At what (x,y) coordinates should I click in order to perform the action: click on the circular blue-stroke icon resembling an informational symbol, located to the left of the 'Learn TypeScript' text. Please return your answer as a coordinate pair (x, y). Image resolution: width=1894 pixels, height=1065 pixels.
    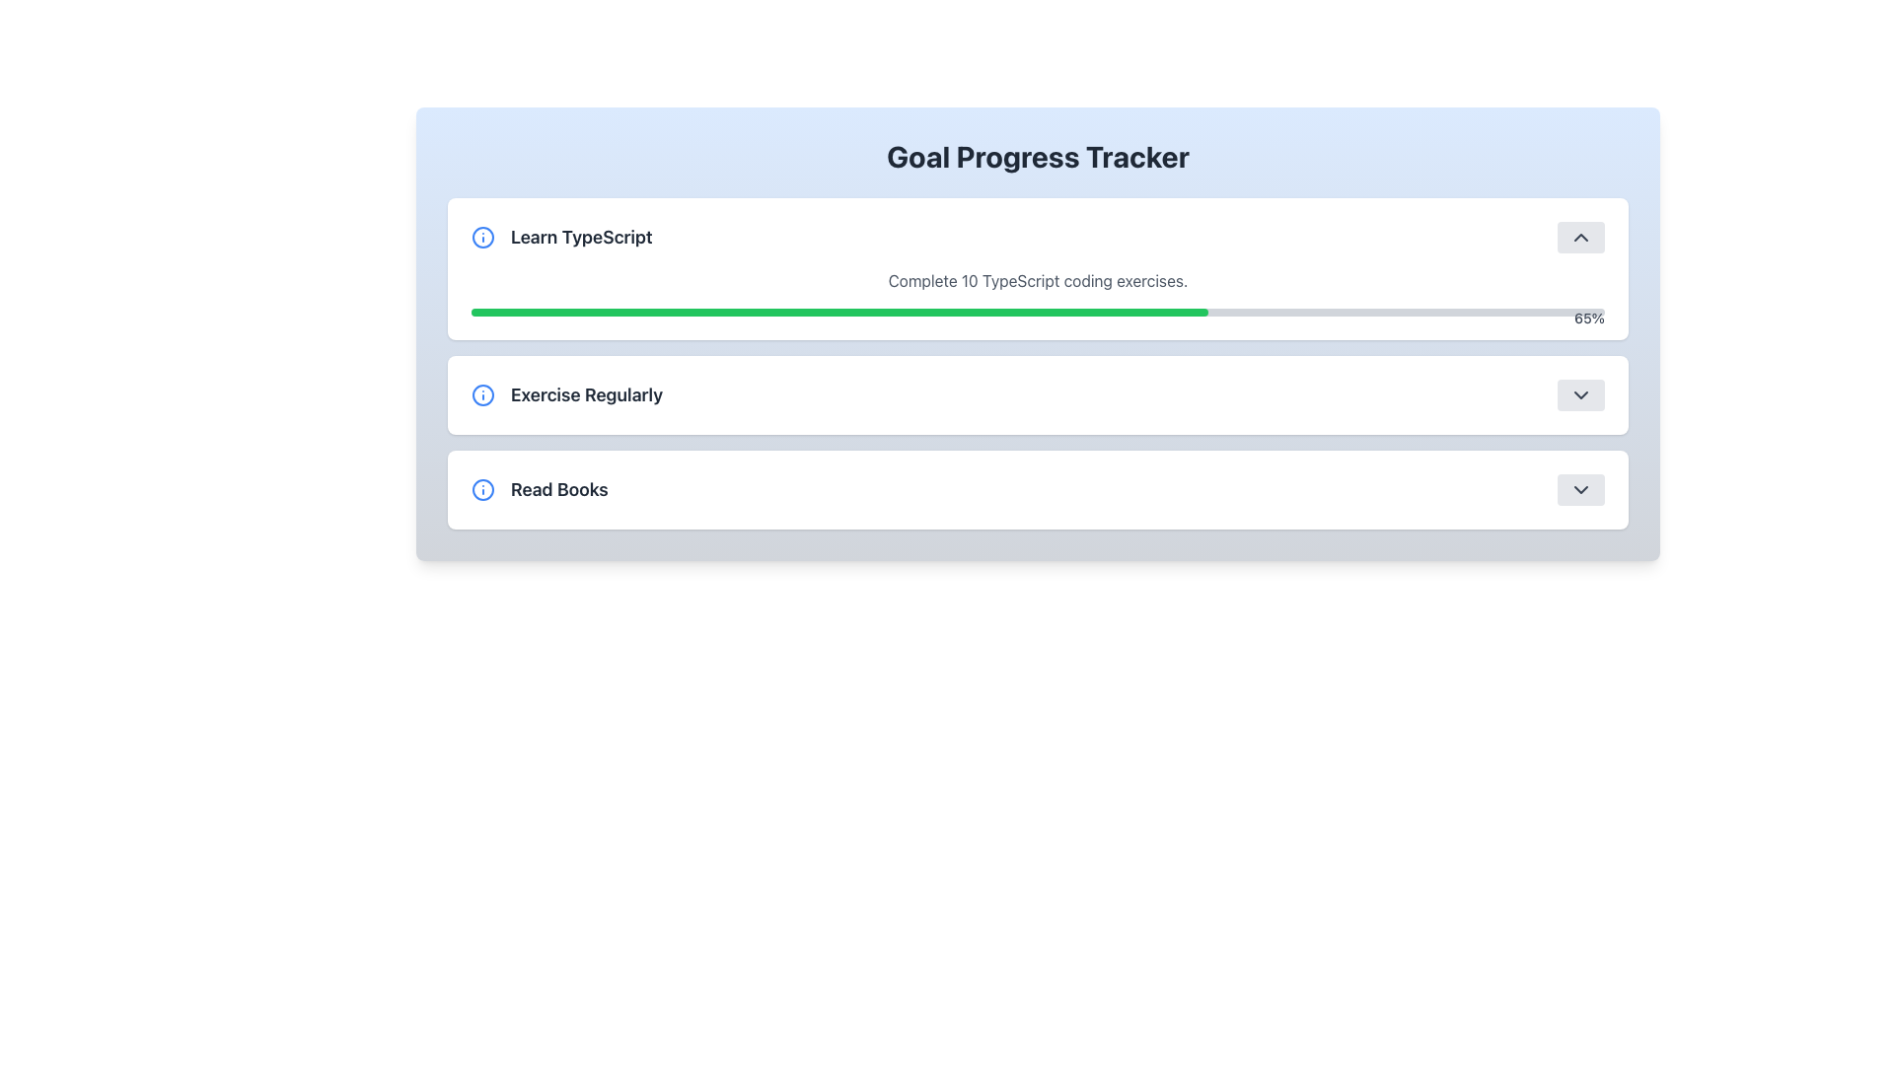
    Looking at the image, I should click on (482, 236).